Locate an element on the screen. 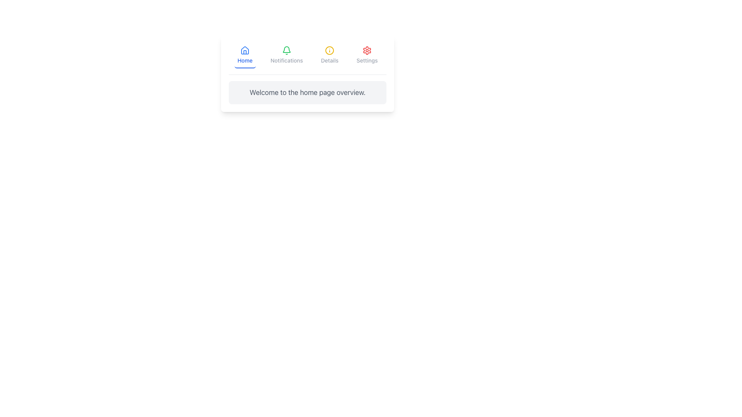  the blue 'Home' button icon that displays a house and the word 'Home' beneath it is located at coordinates (244, 55).